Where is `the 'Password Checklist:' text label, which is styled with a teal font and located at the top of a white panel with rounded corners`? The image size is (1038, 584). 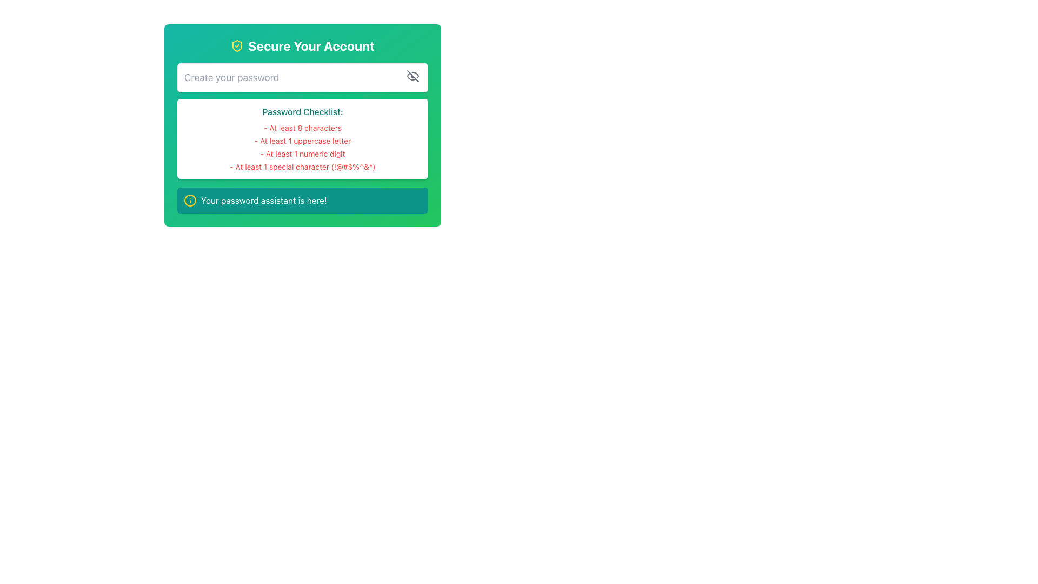 the 'Password Checklist:' text label, which is styled with a teal font and located at the top of a white panel with rounded corners is located at coordinates (303, 112).